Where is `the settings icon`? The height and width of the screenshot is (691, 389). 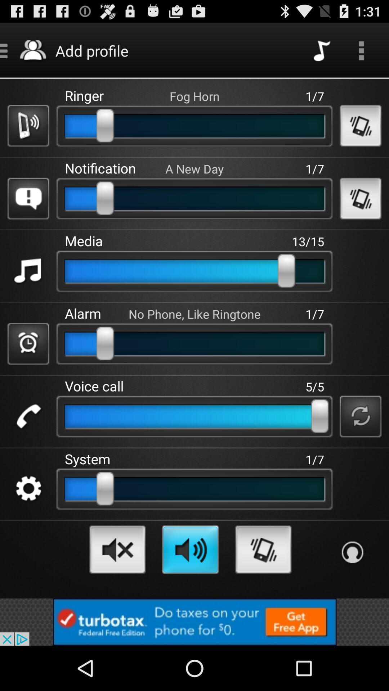 the settings icon is located at coordinates (28, 523).